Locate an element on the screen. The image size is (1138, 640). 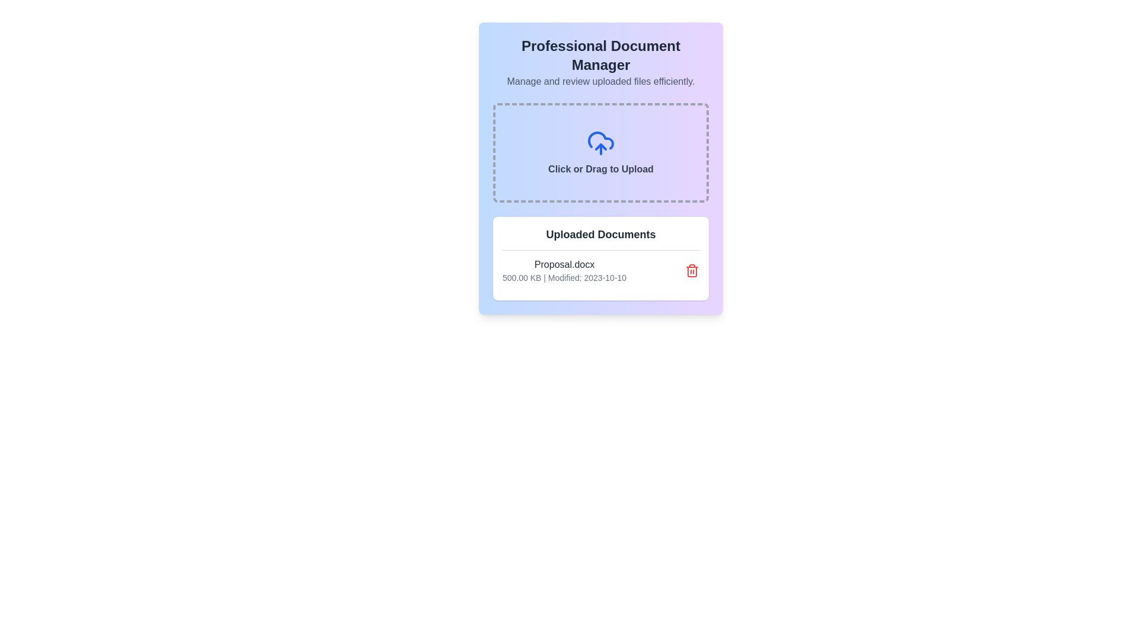
the File upload area with a dashed gray border and a gradient blue-to-purple background that reads 'Click or Drag to Upload' is located at coordinates (600, 152).